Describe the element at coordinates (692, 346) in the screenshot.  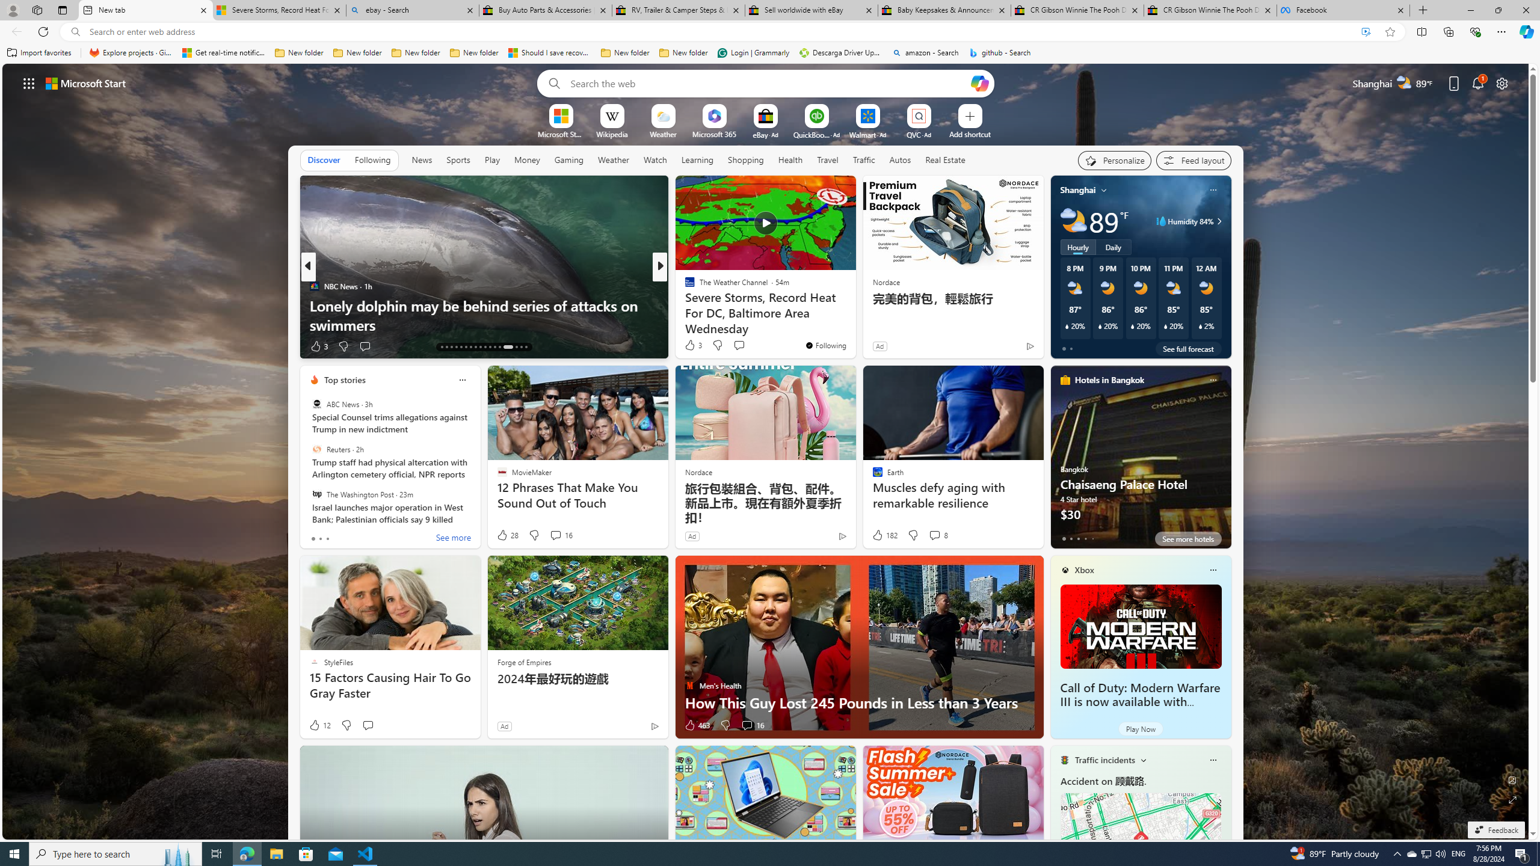
I see `'116 Like'` at that location.